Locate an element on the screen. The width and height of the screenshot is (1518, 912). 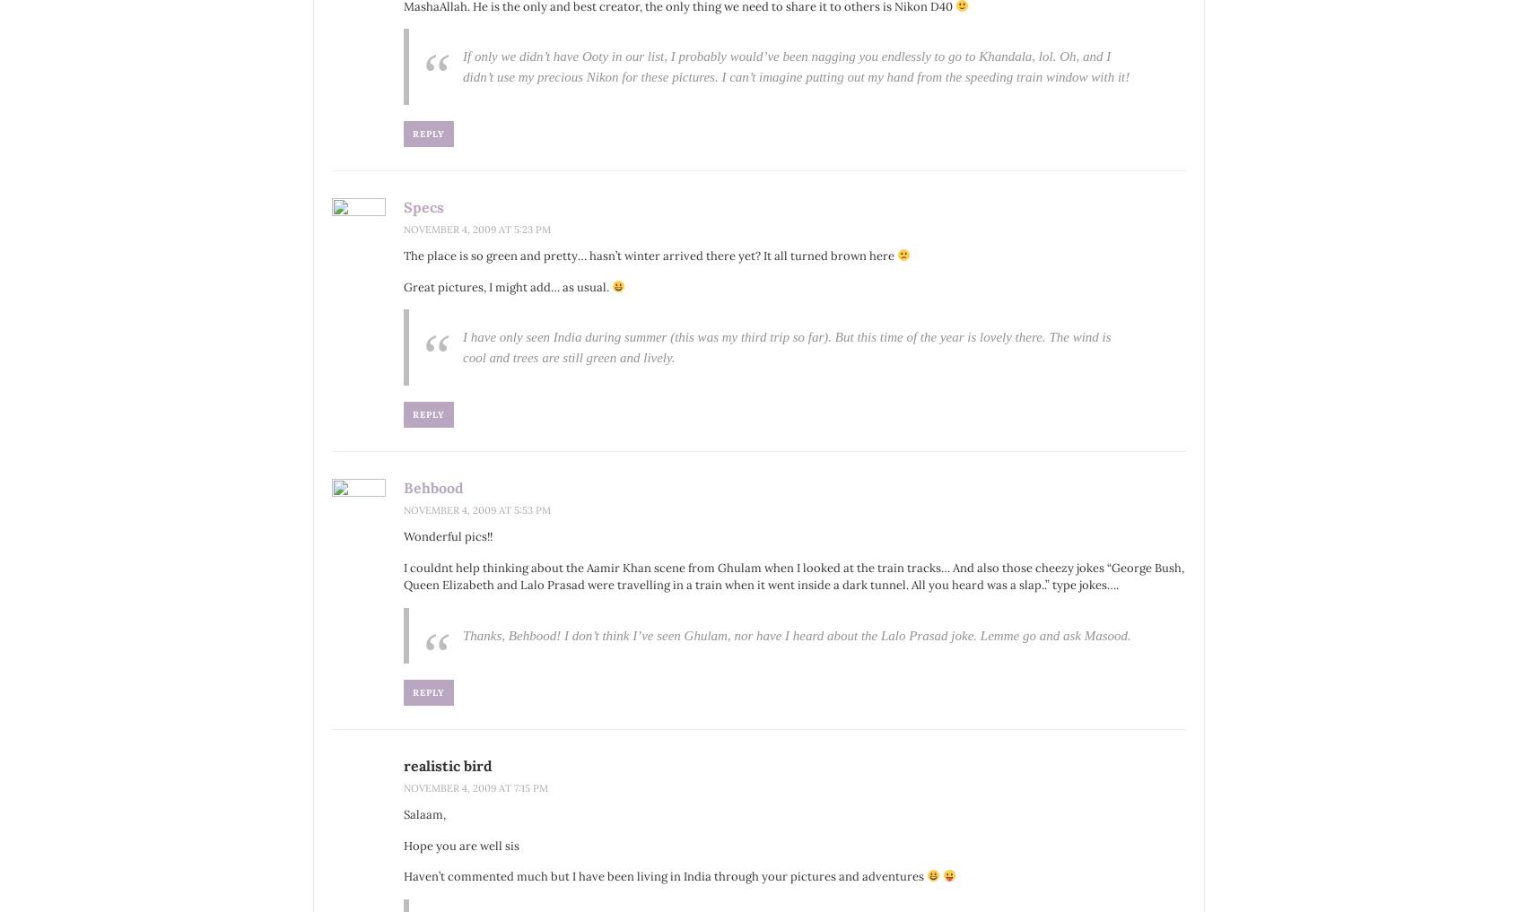
'If only we didn’t have Ooty in our list, I probably would’ve been nagging you endlessly to go to Khandala, lol. Oh, and I didn’t use my precious Nikon for these pictures. I can’t imagine putting out my hand from the speeding train window with it!' is located at coordinates (795, 66).